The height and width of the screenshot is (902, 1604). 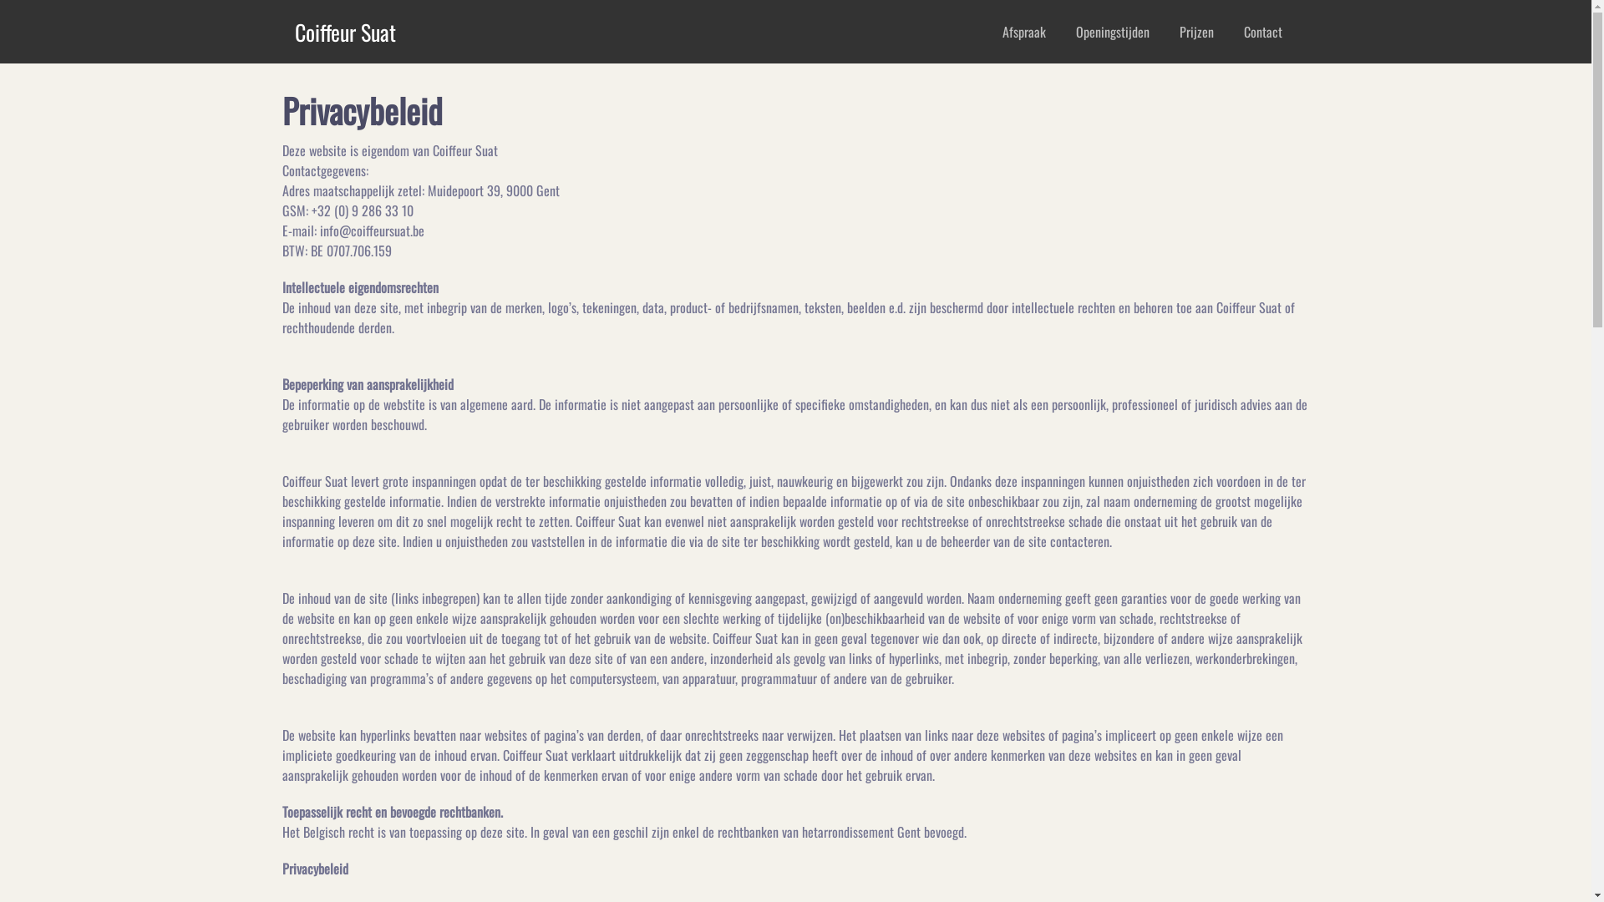 I want to click on 'Prijzen', so click(x=1195, y=32).